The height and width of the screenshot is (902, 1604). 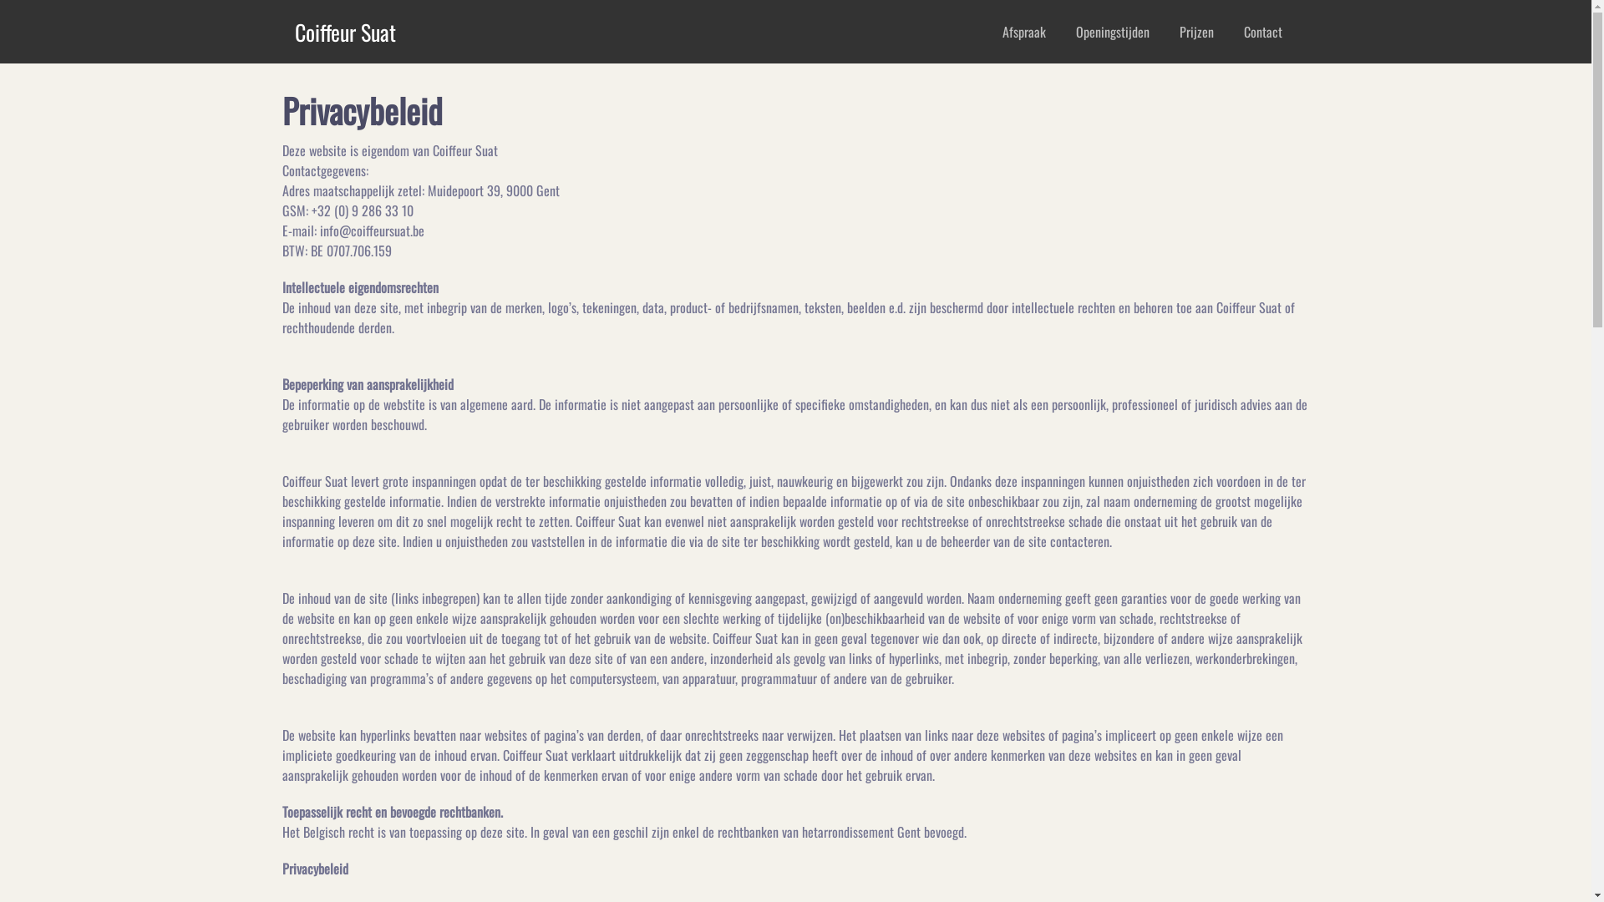 I want to click on 'Prijzen', so click(x=1195, y=32).